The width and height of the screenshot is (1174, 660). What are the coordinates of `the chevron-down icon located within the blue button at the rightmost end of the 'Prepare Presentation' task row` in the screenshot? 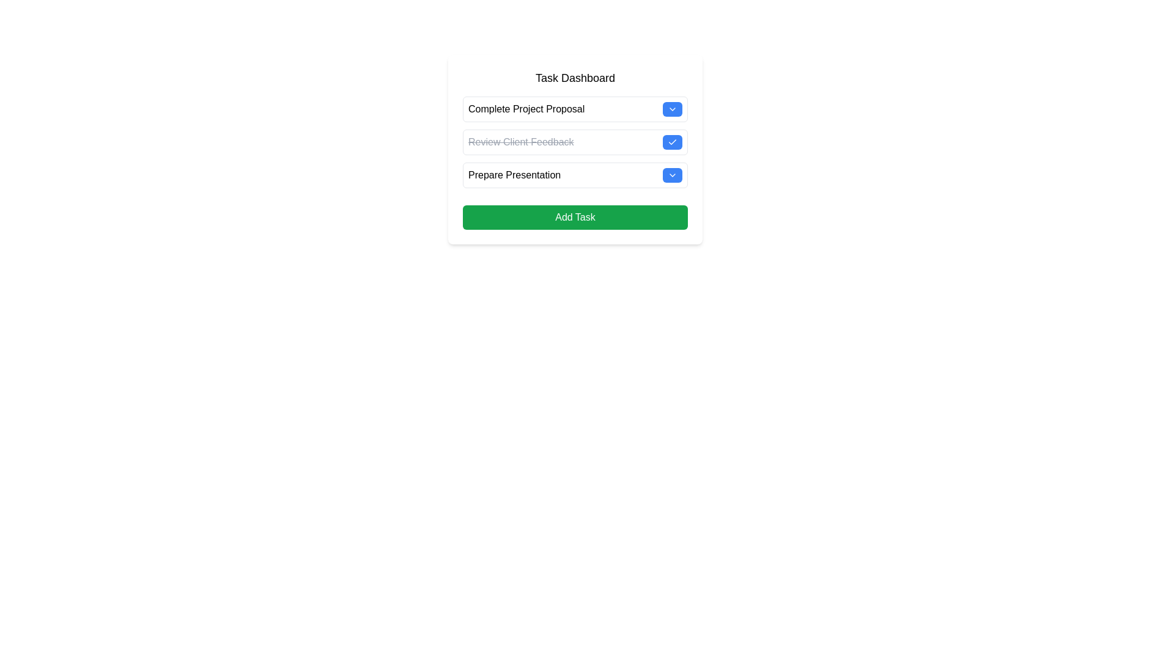 It's located at (671, 175).